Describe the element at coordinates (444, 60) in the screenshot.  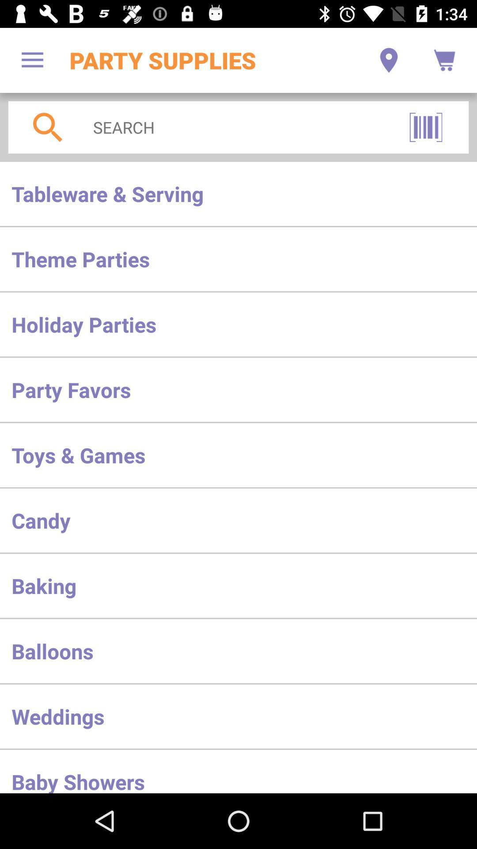
I see `icon on the top right corner` at that location.